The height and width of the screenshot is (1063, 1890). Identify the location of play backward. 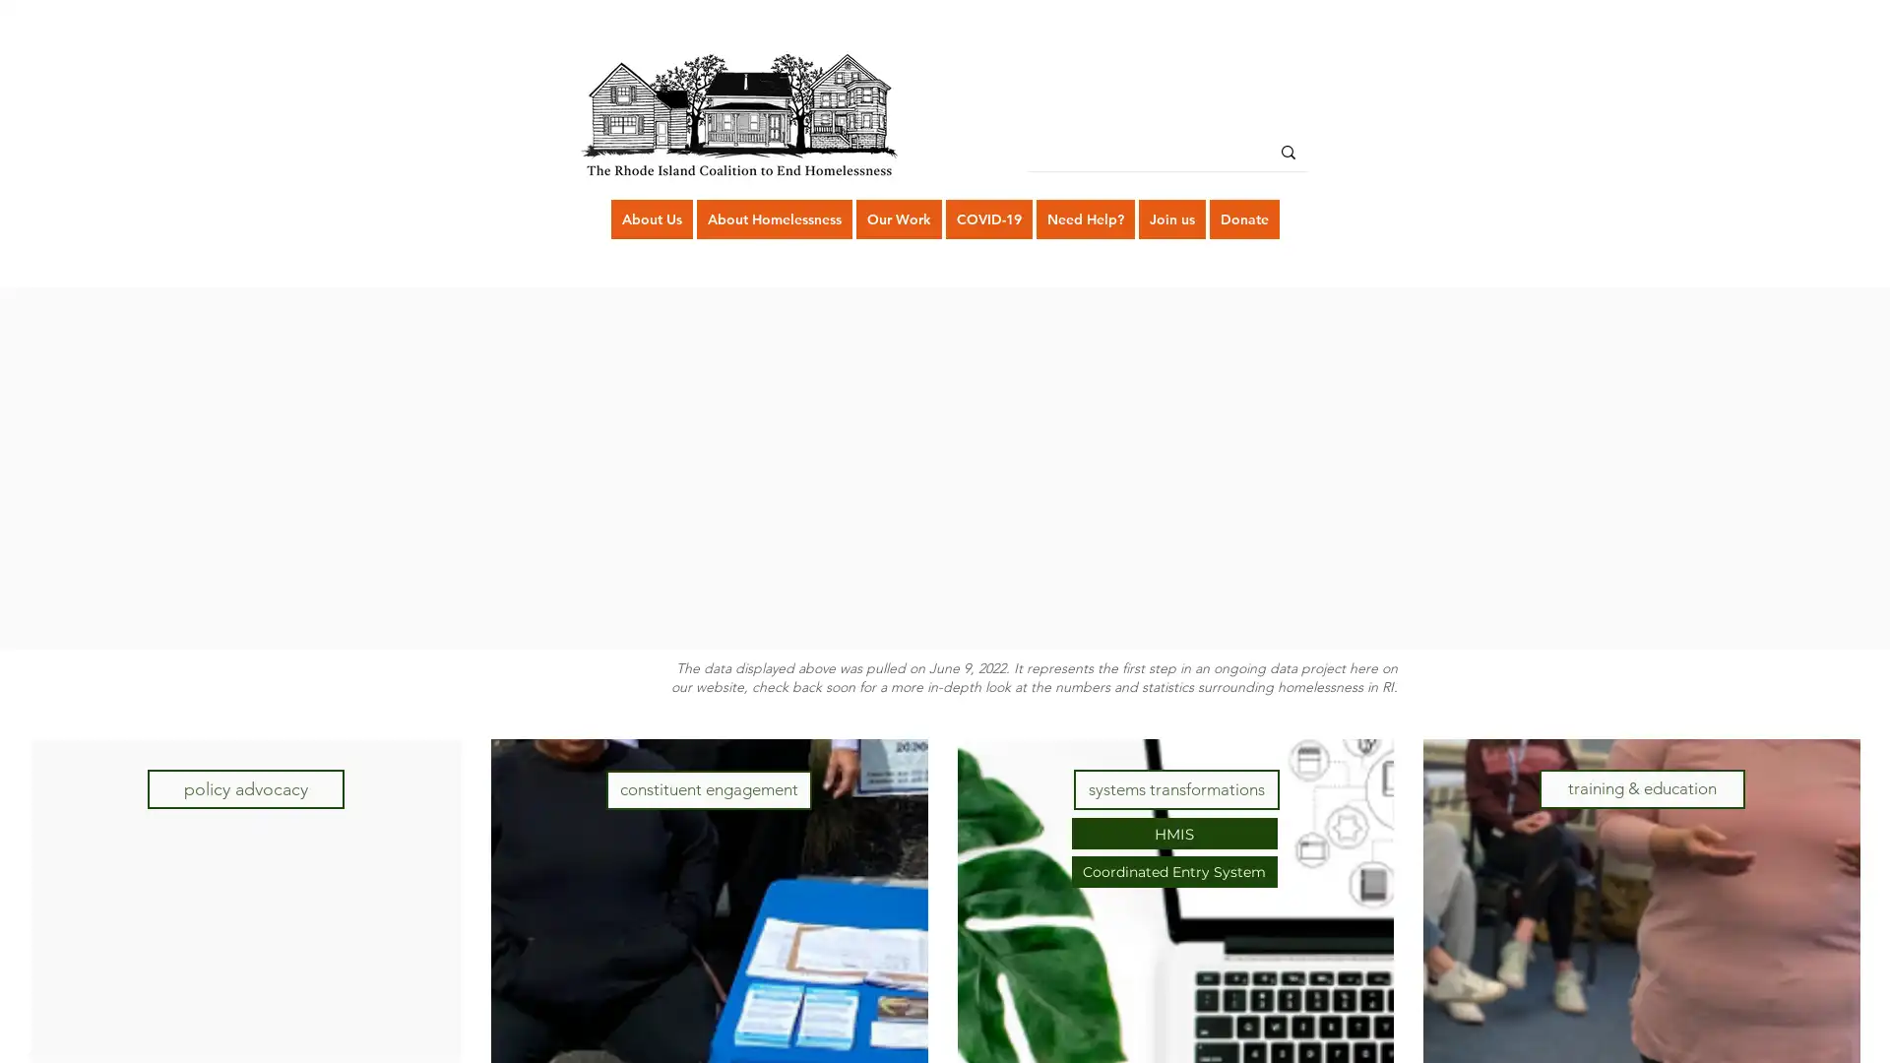
(479, 468).